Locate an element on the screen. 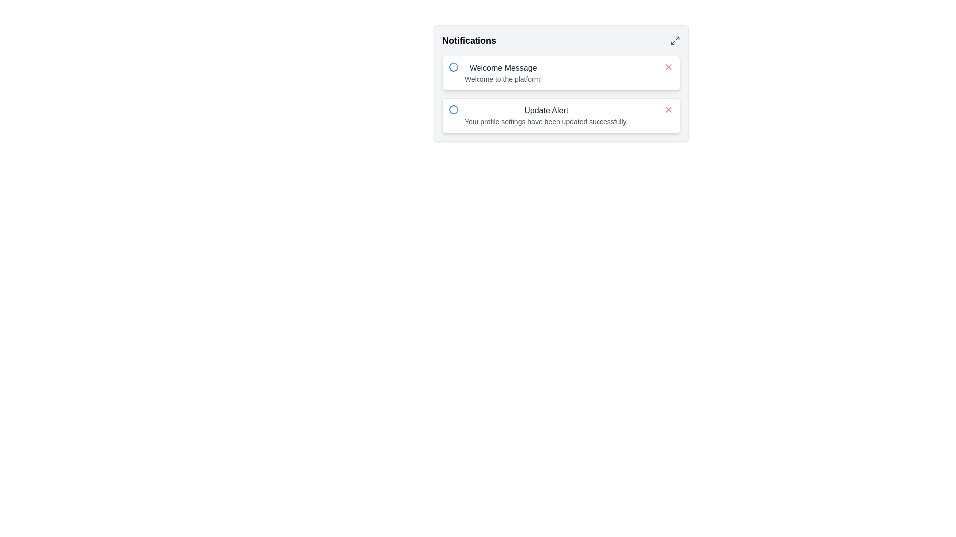  greeting message from the text block that includes 'Welcome Message' and 'Welcome to the platform!' is located at coordinates (503, 72).